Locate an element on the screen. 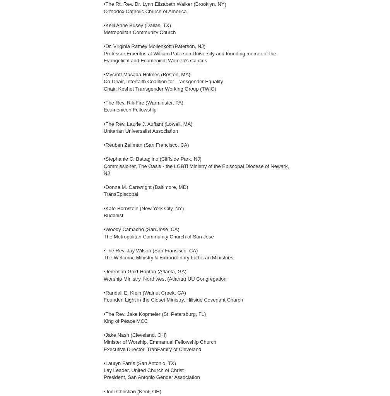 This screenshot has width=390, height=396. 'Worship Ministry, Northwest (Atlanta) UU Congregation' is located at coordinates (165, 278).